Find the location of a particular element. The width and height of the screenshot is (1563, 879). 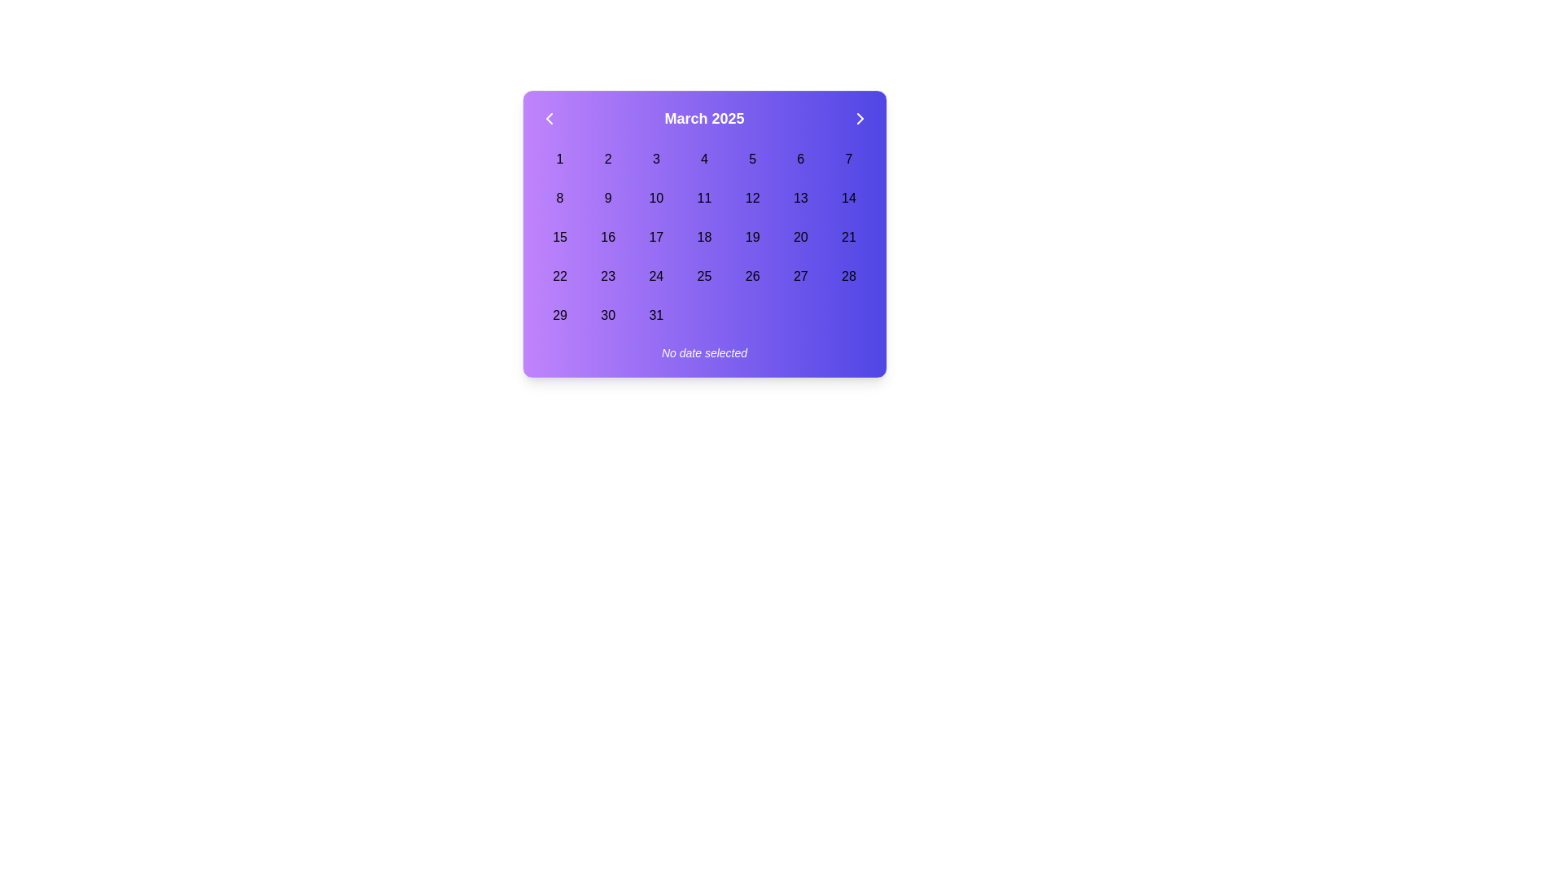

the date selection button for the date '16' in the calendar grid is located at coordinates (607, 238).